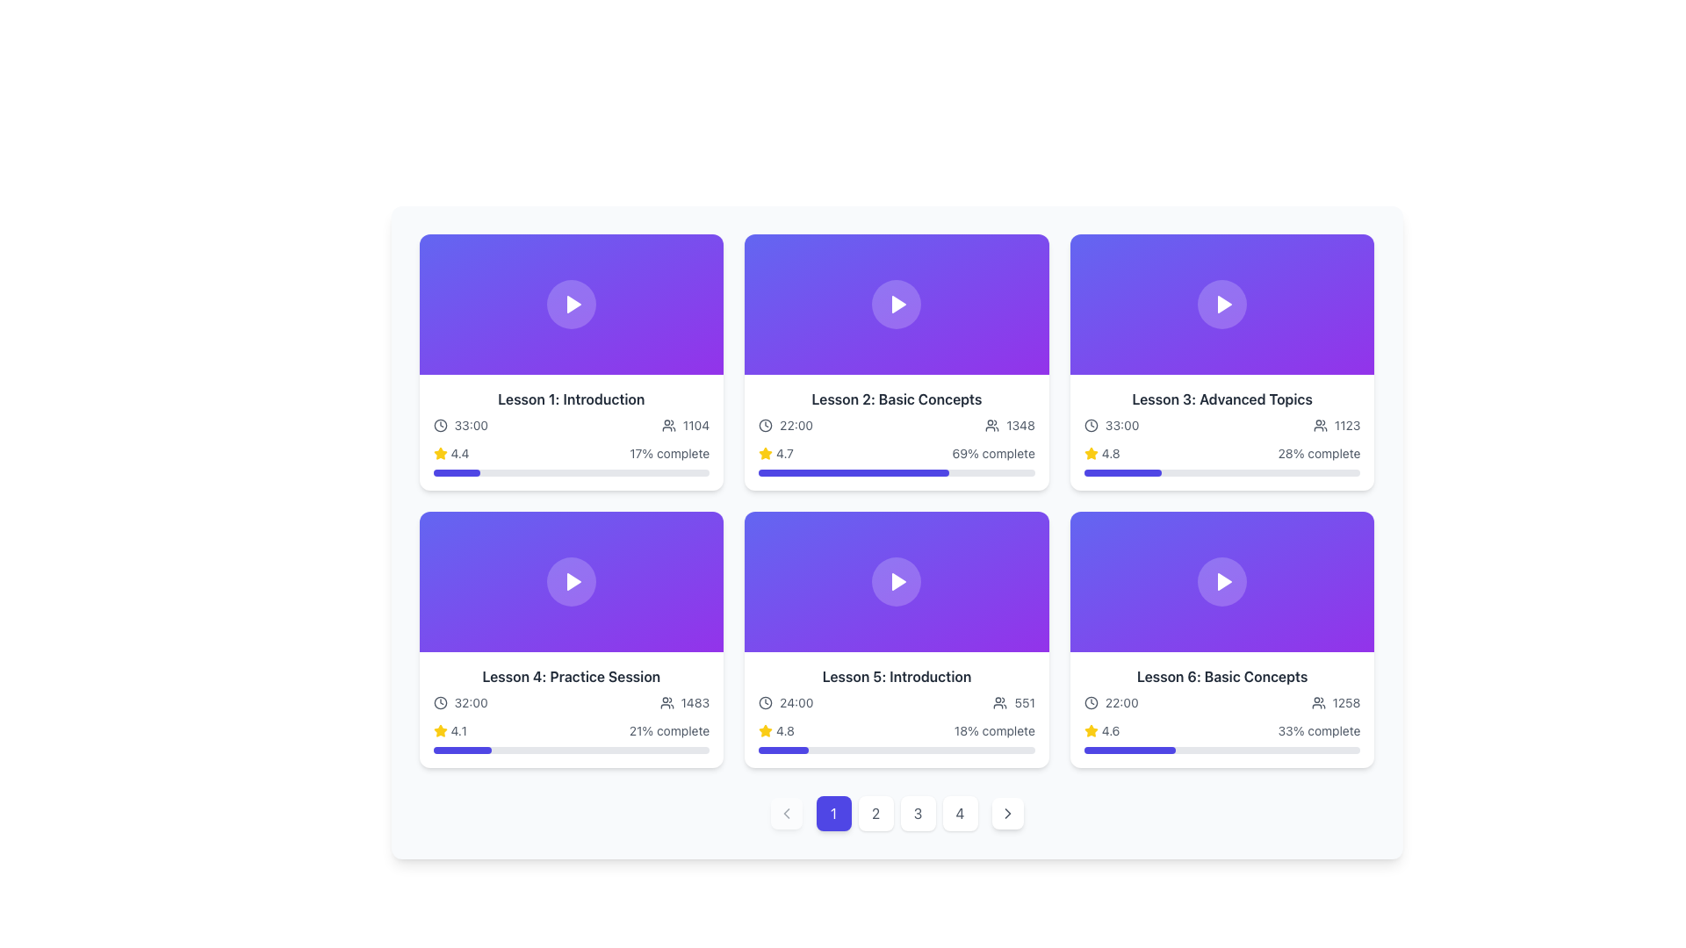 This screenshot has width=1686, height=948. I want to click on the count of users displayed on the label with icon located to the right of '33:00' within the 'Lesson 1: Introduction' card, so click(685, 426).